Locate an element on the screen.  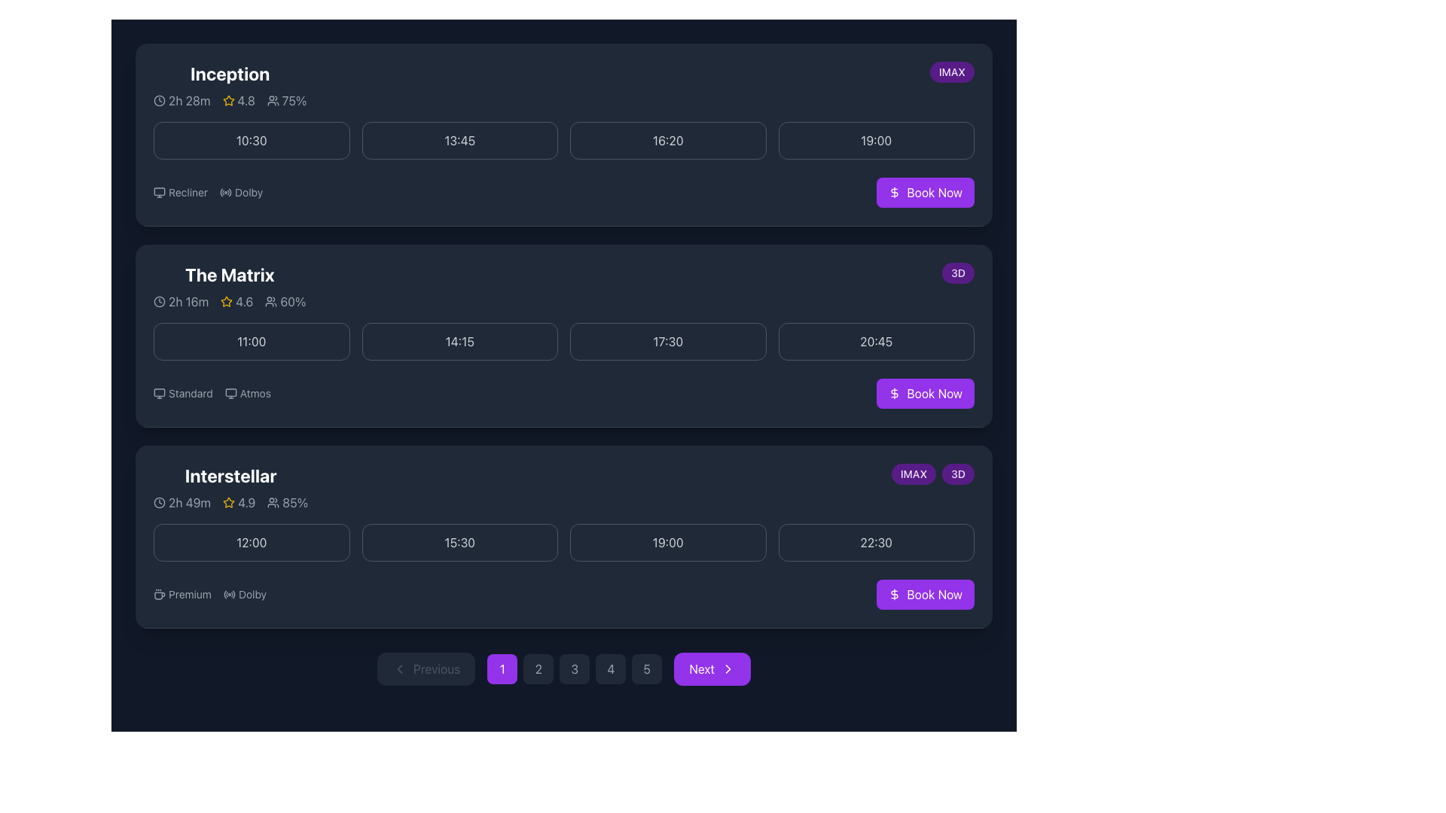
the purple 'Book Now' button located in the bottom-right corner of the movie details card to book a ticket is located at coordinates (895, 594).